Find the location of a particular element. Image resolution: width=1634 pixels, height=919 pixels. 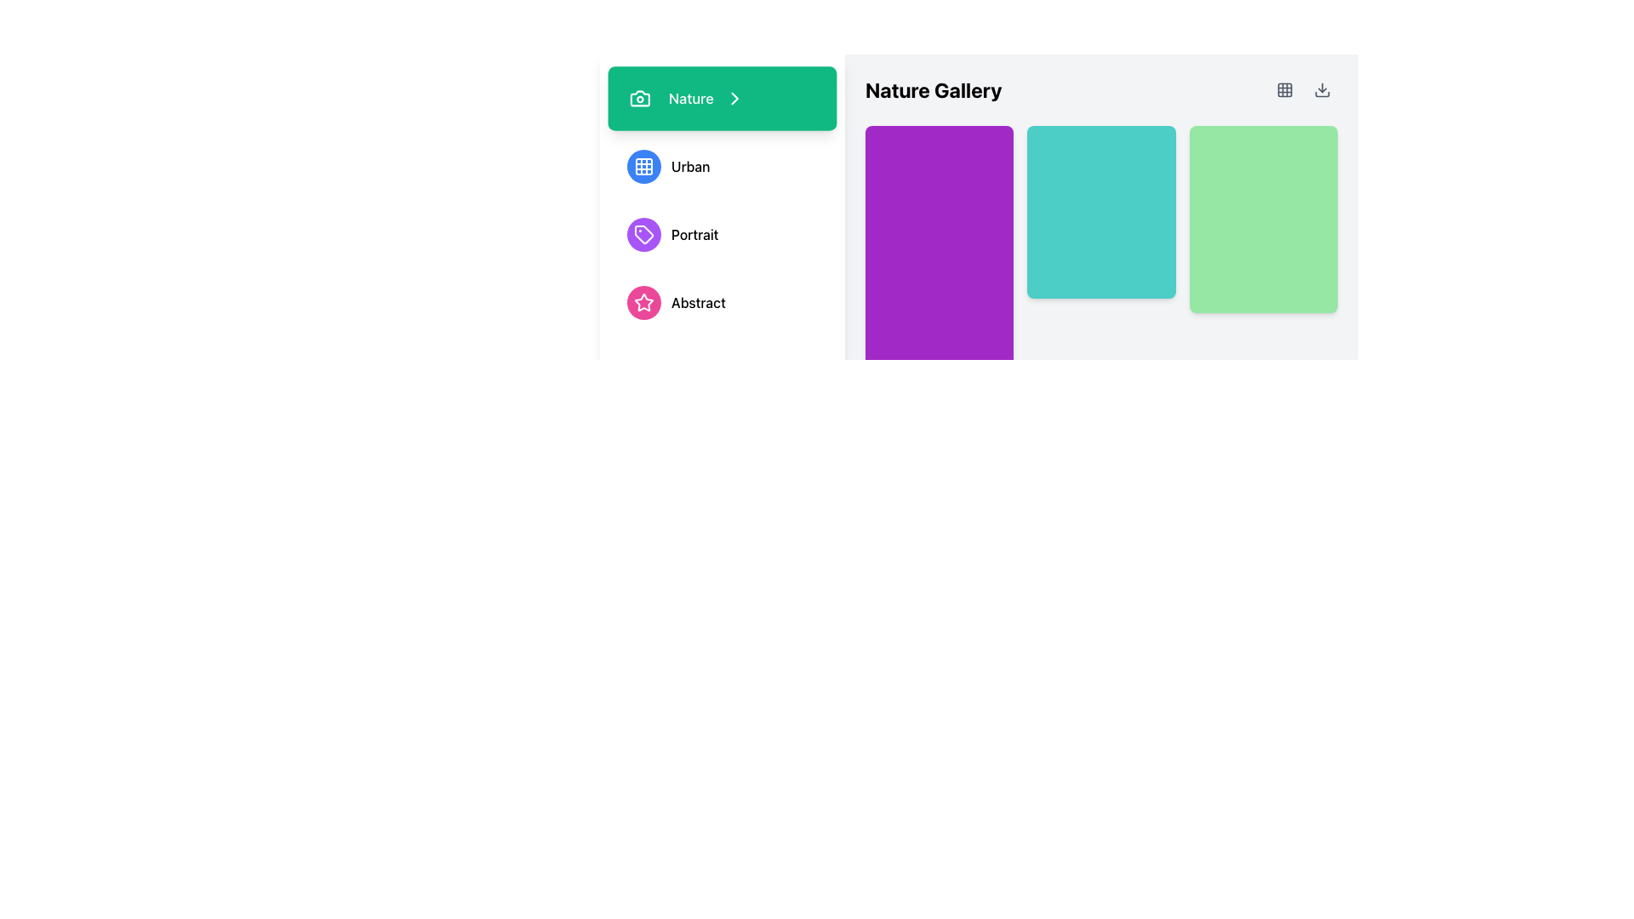

the download icon button located at the top-right corner of the gallery content area to initiate the download is located at coordinates (1322, 89).